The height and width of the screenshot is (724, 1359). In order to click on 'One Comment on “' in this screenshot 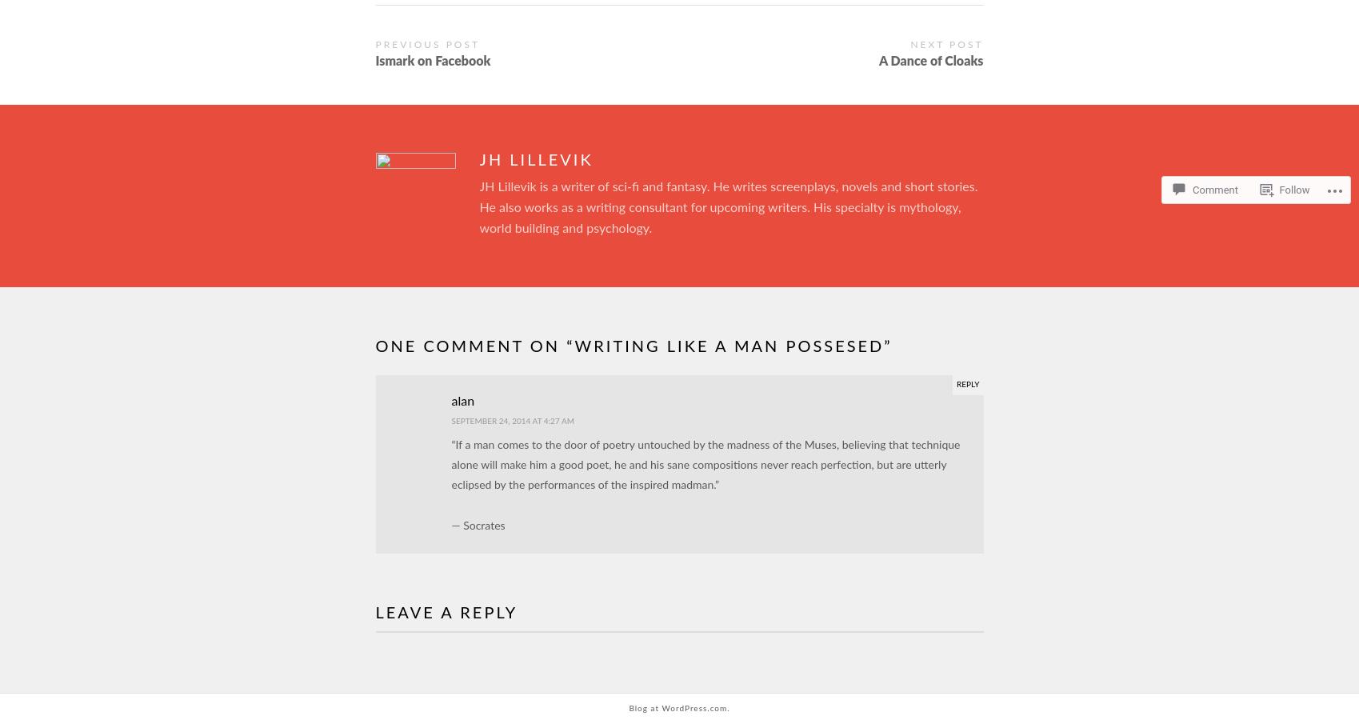, I will do `click(474, 346)`.